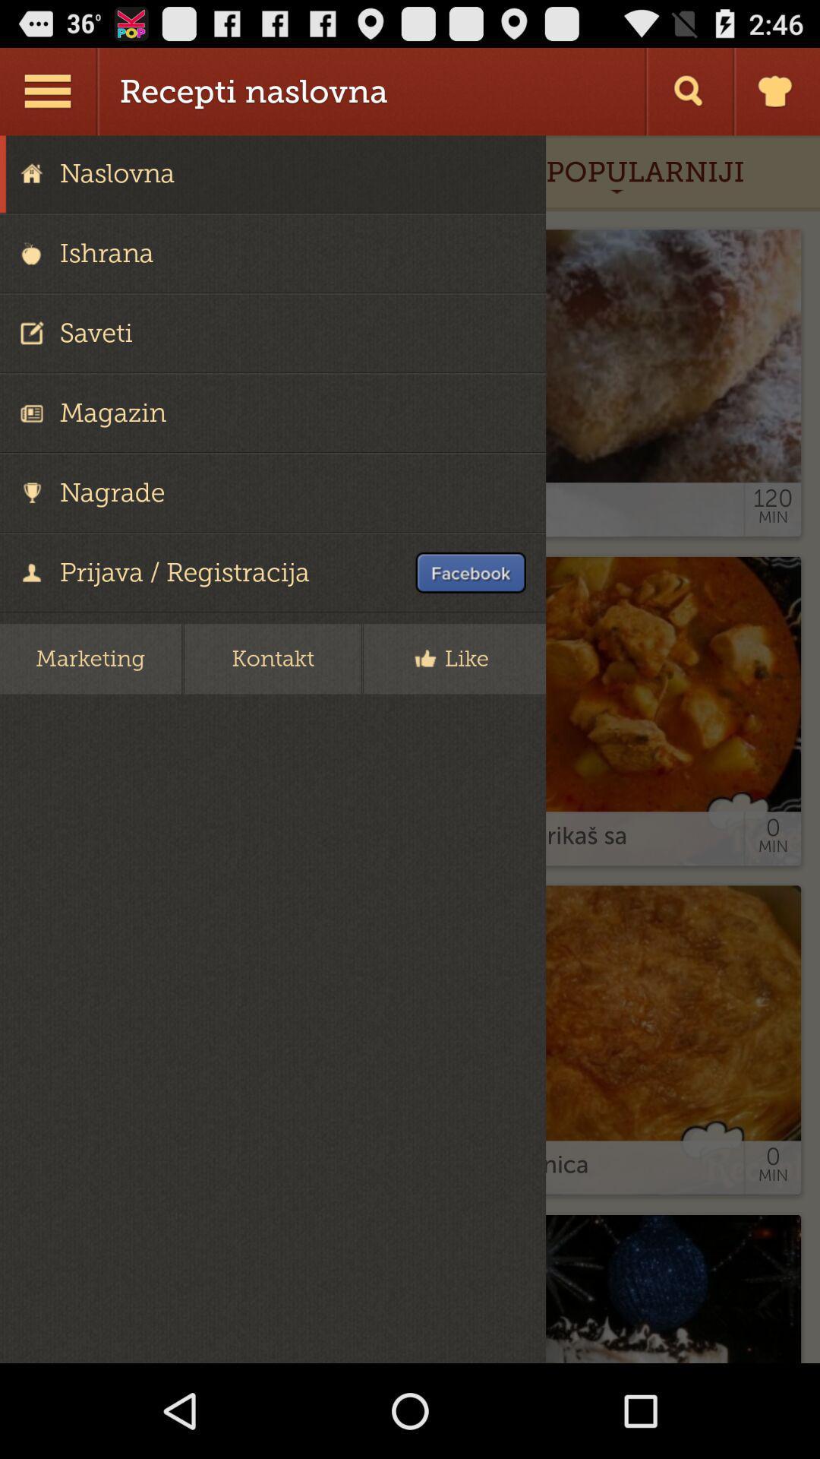  I want to click on menu button, so click(49, 90).